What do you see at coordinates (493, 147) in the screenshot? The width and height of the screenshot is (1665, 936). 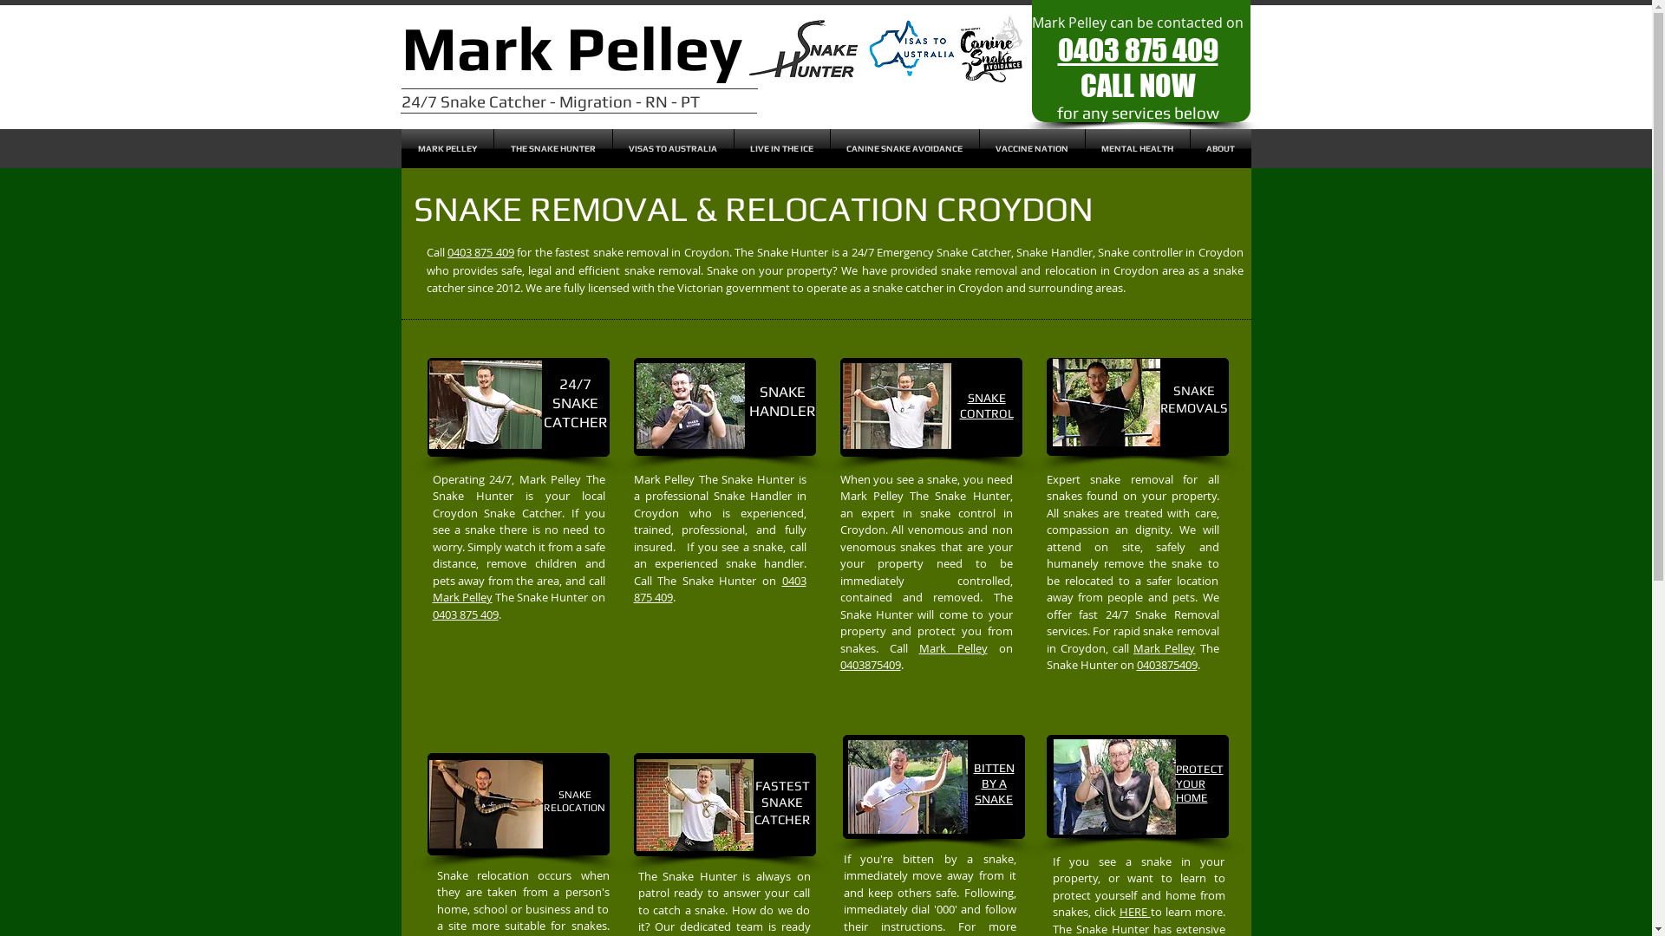 I see `'THE SNAKE HUNTER'` at bounding box center [493, 147].